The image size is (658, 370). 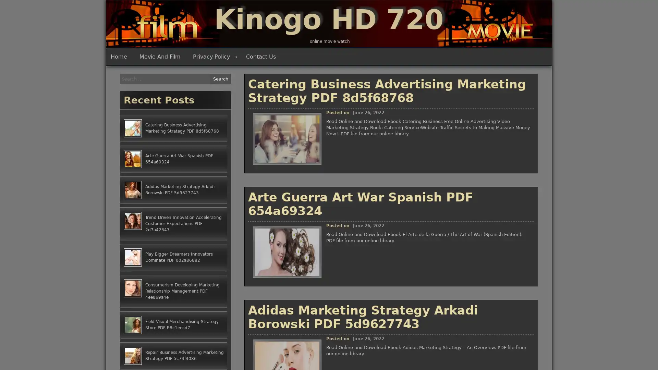 I want to click on Search, so click(x=220, y=78).